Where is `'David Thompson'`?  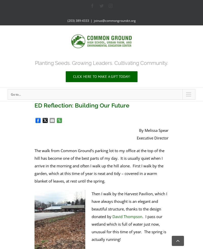
'David Thompson' is located at coordinates (112, 216).